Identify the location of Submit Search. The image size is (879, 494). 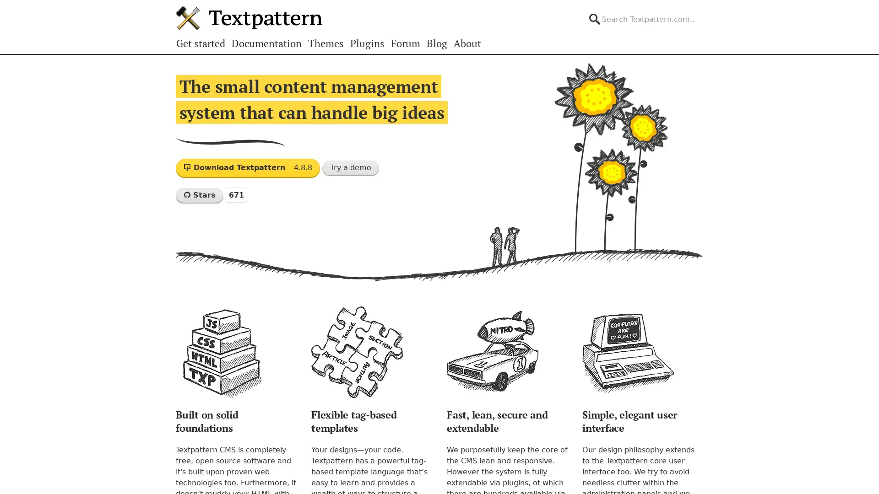
(702, 11).